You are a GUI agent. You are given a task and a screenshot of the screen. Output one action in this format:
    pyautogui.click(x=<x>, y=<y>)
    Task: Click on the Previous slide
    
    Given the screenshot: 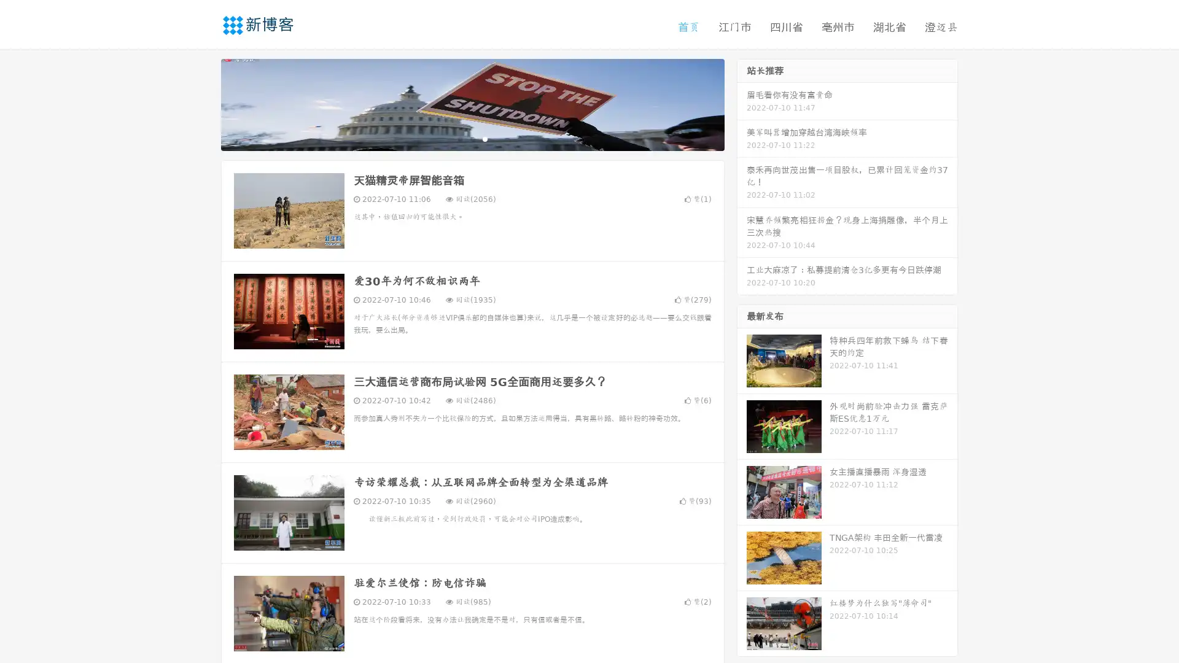 What is the action you would take?
    pyautogui.click(x=203, y=103)
    